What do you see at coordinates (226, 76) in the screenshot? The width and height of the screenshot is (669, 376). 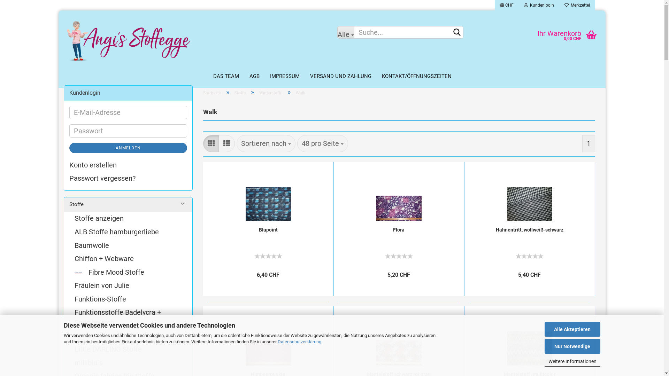 I see `'DAS TEAM'` at bounding box center [226, 76].